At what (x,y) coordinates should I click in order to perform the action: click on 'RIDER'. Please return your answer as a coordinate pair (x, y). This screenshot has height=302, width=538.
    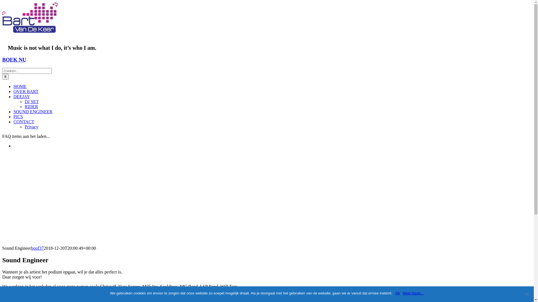
    Looking at the image, I should click on (24, 107).